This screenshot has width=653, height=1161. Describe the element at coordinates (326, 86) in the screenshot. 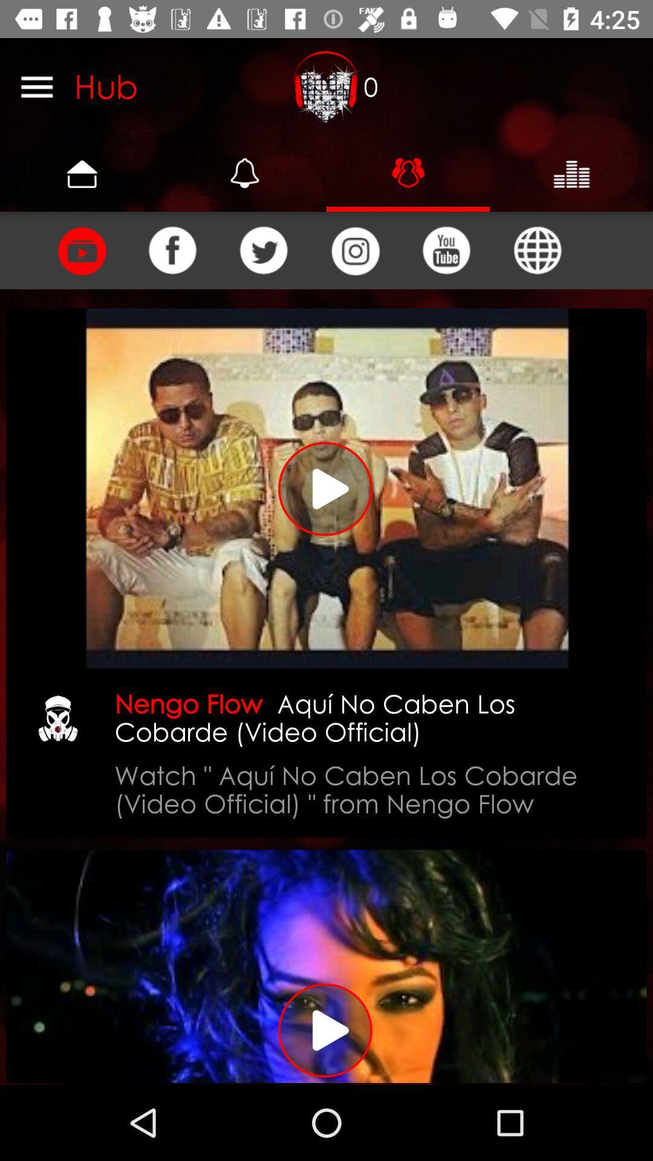

I see `item to the left of 0` at that location.